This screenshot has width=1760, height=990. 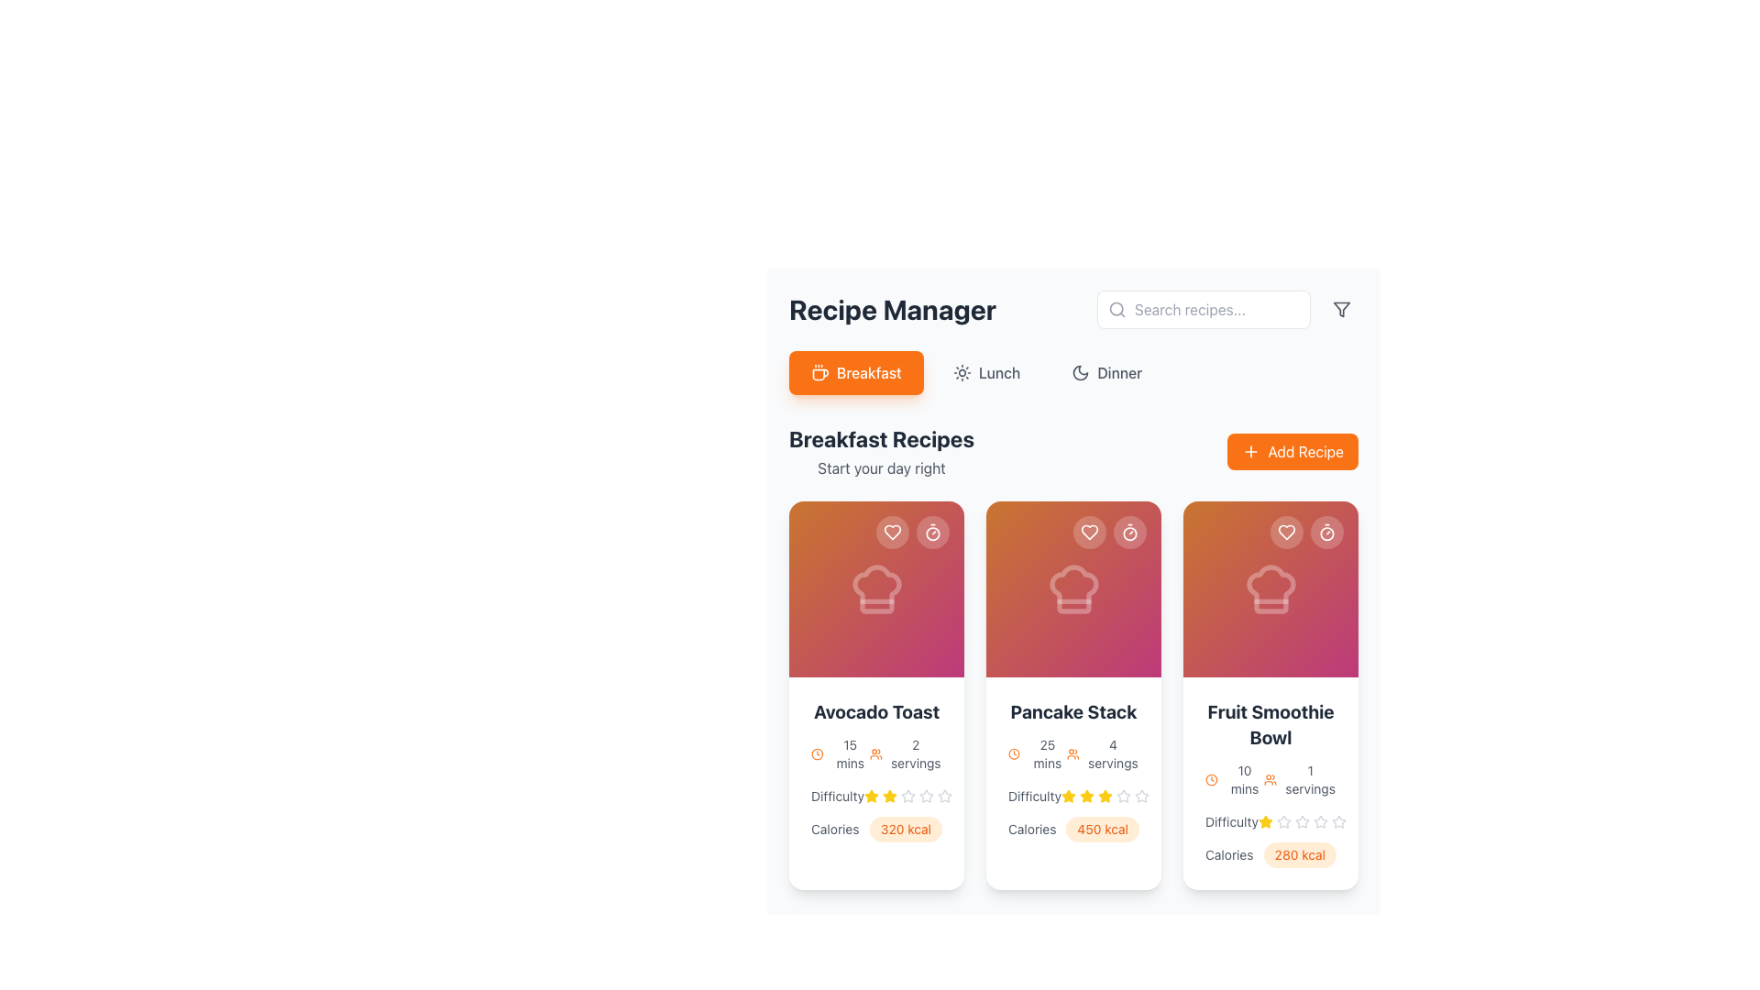 I want to click on the stars in the Difficulty rating section of the Avocado Toast card to modify the rating, so click(x=875, y=795).